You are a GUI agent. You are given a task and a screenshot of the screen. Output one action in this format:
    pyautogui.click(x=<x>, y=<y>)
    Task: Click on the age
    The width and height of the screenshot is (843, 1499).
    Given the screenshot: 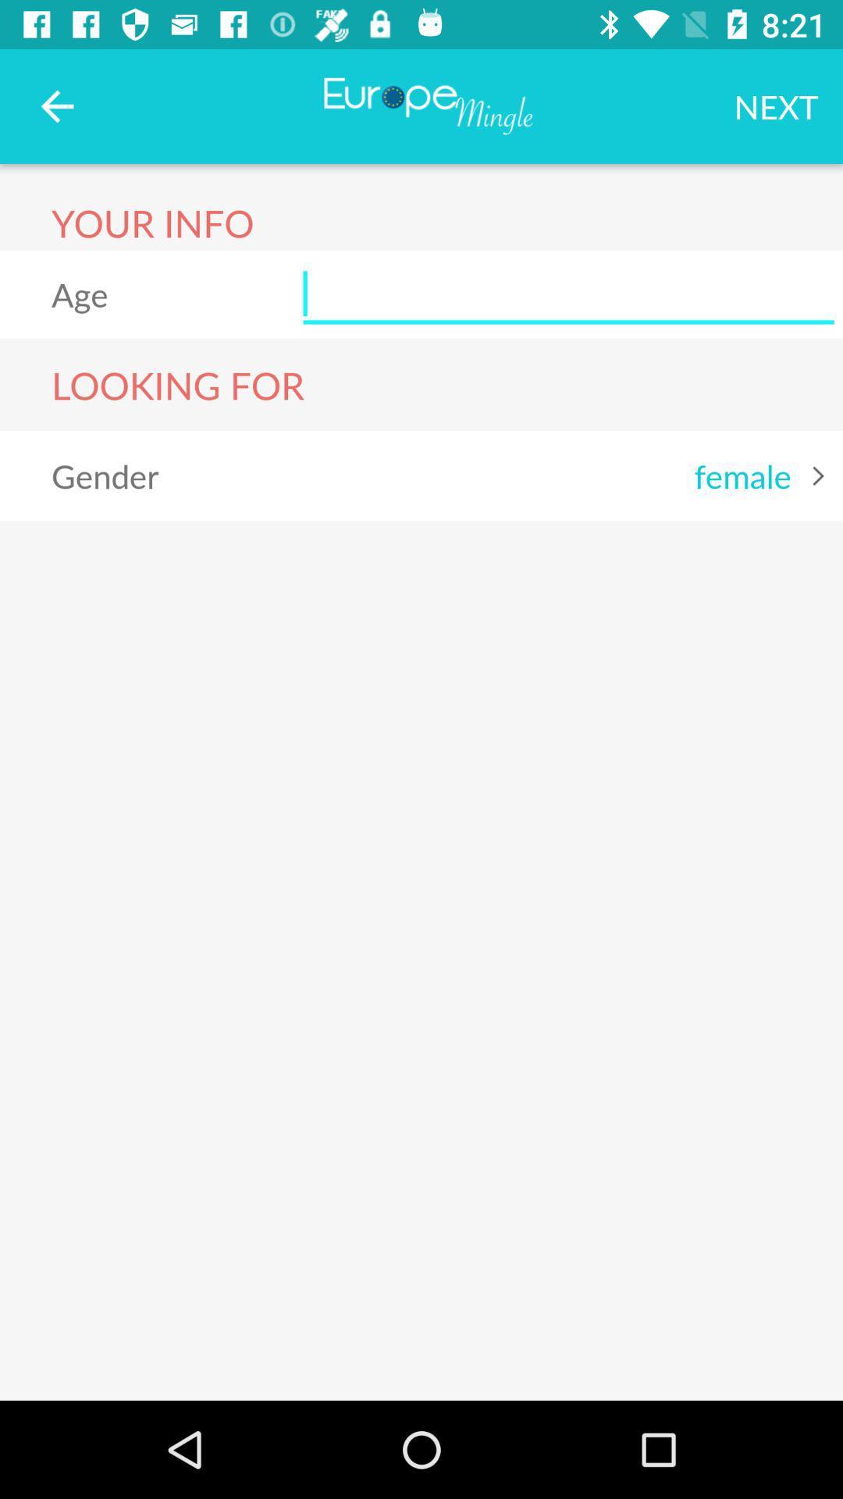 What is the action you would take?
    pyautogui.click(x=568, y=294)
    